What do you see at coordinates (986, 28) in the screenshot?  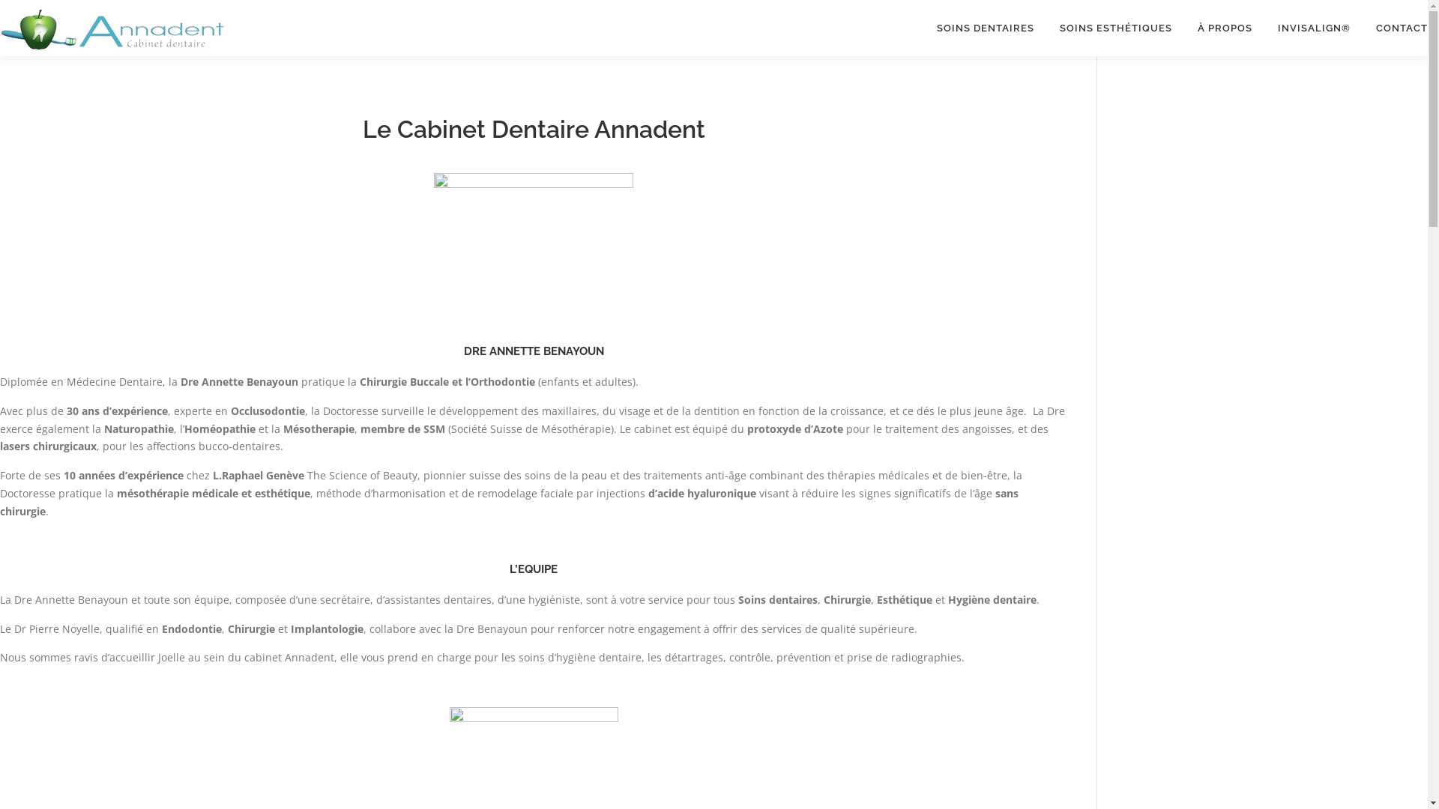 I see `'SOINS DENTAIRES'` at bounding box center [986, 28].